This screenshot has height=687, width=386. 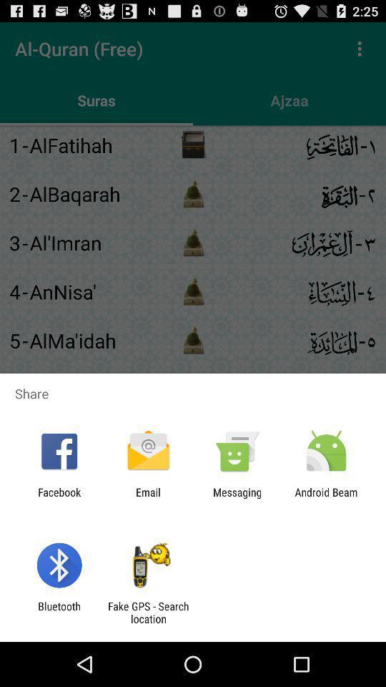 What do you see at coordinates (326, 498) in the screenshot?
I see `the android beam item` at bounding box center [326, 498].